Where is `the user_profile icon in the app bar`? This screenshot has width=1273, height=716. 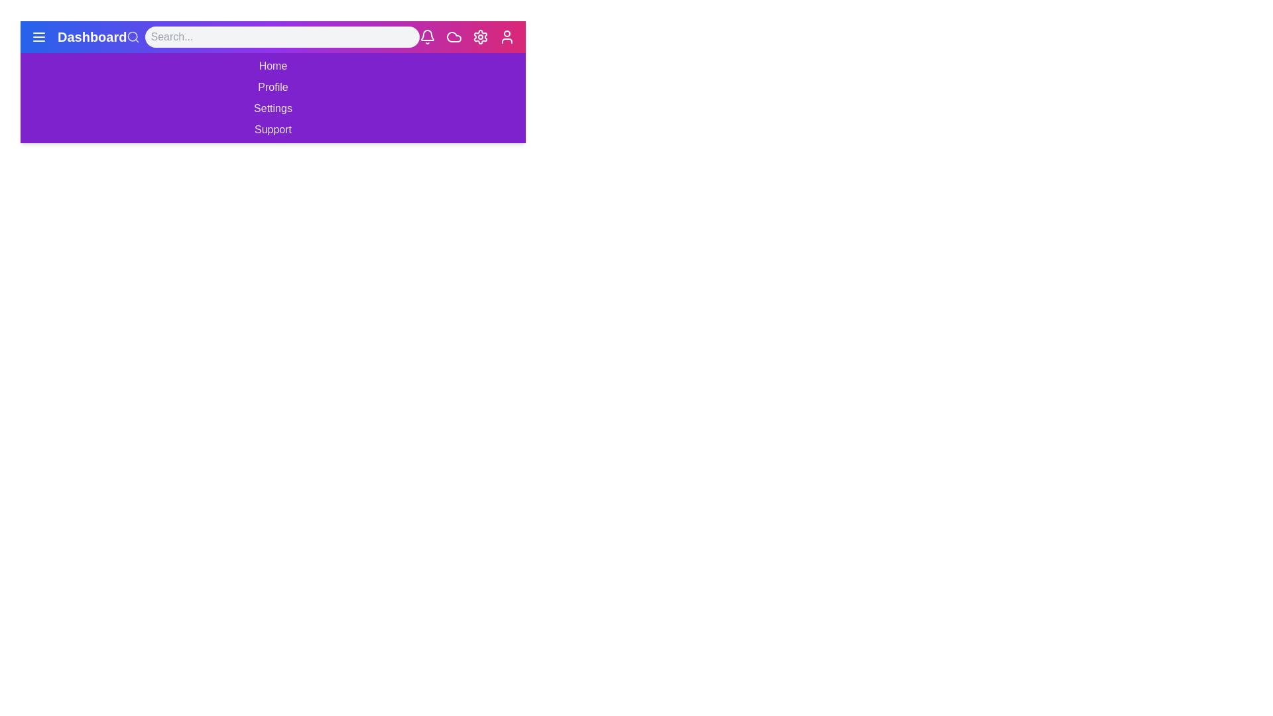
the user_profile icon in the app bar is located at coordinates (506, 36).